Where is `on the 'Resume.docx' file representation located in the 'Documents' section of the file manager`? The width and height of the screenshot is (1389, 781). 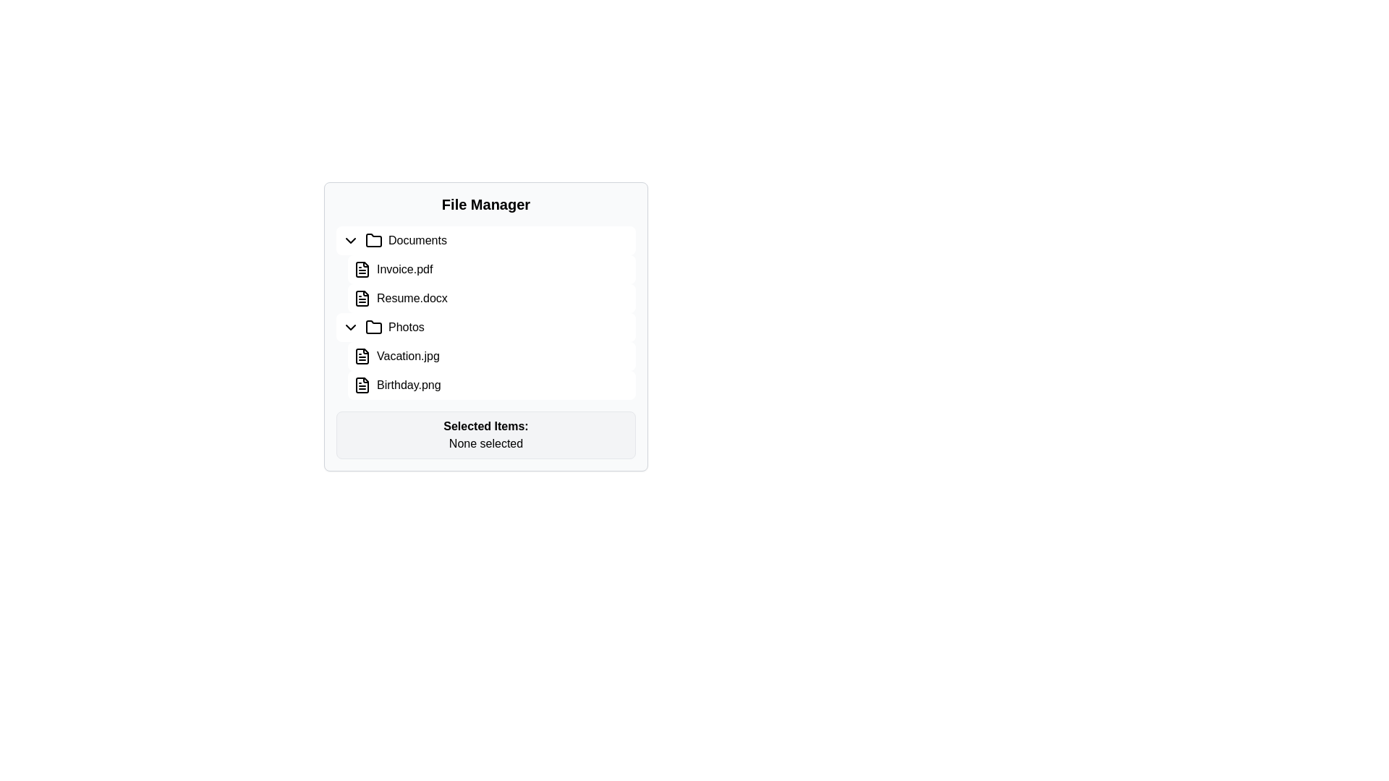 on the 'Resume.docx' file representation located in the 'Documents' section of the file manager is located at coordinates (486, 297).